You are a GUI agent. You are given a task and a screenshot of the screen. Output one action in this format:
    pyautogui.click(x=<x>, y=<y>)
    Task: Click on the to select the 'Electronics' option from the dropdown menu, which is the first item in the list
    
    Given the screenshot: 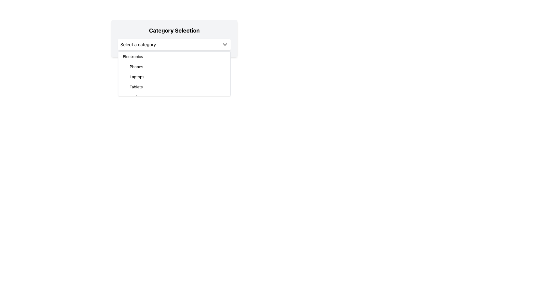 What is the action you would take?
    pyautogui.click(x=174, y=56)
    